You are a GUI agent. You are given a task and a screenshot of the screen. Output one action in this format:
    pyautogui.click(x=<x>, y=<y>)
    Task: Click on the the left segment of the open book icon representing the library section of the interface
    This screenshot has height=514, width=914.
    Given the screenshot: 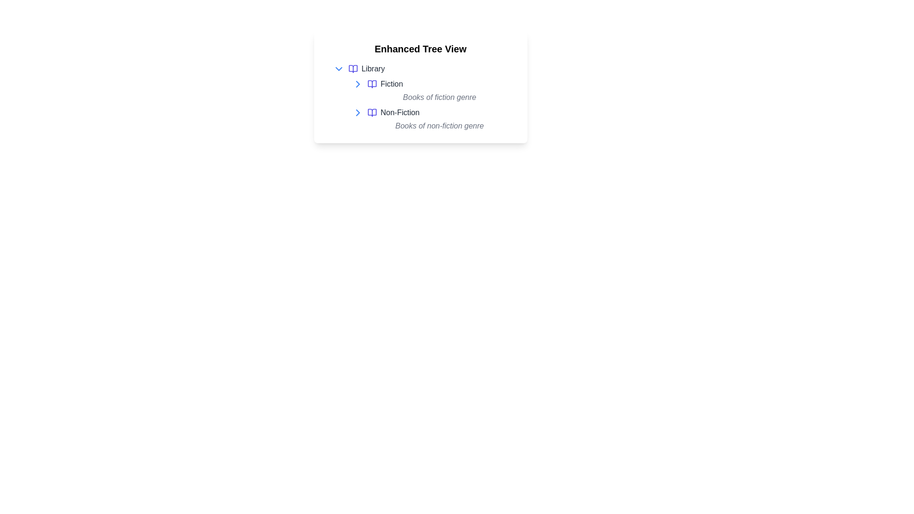 What is the action you would take?
    pyautogui.click(x=352, y=69)
    